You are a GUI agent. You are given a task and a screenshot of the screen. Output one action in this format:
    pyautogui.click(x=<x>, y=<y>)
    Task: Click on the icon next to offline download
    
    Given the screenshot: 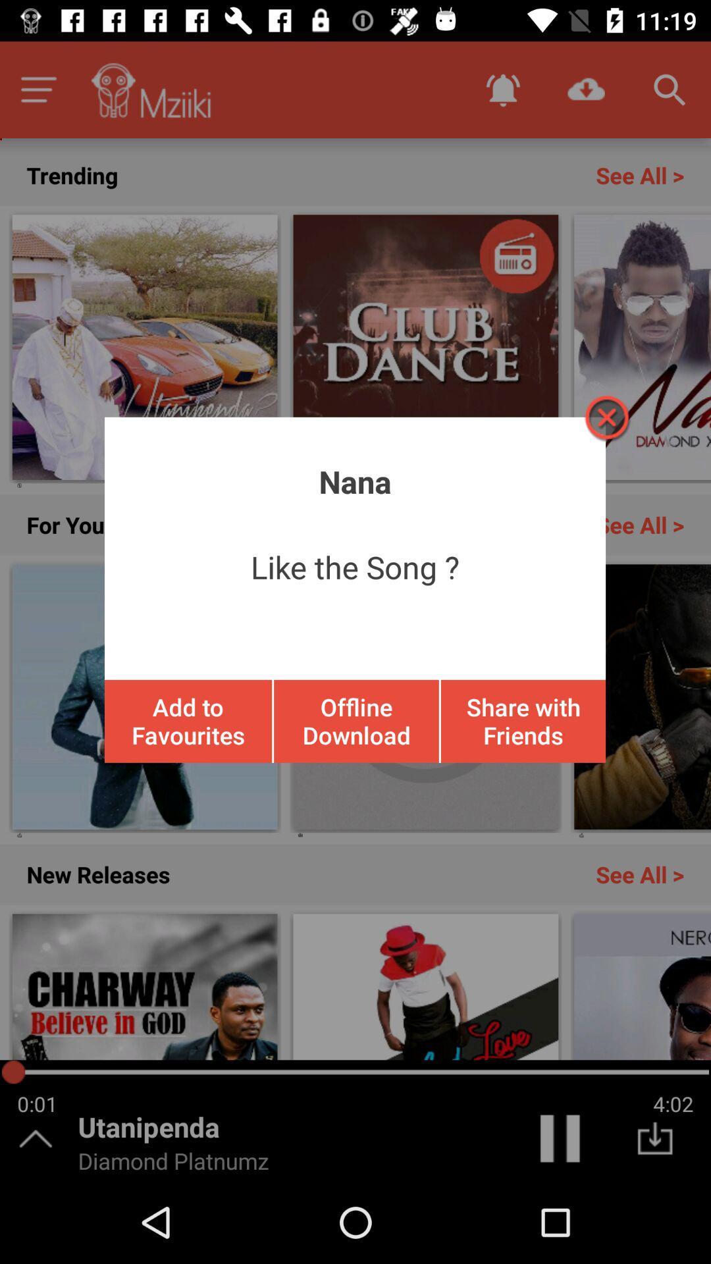 What is the action you would take?
    pyautogui.click(x=522, y=720)
    